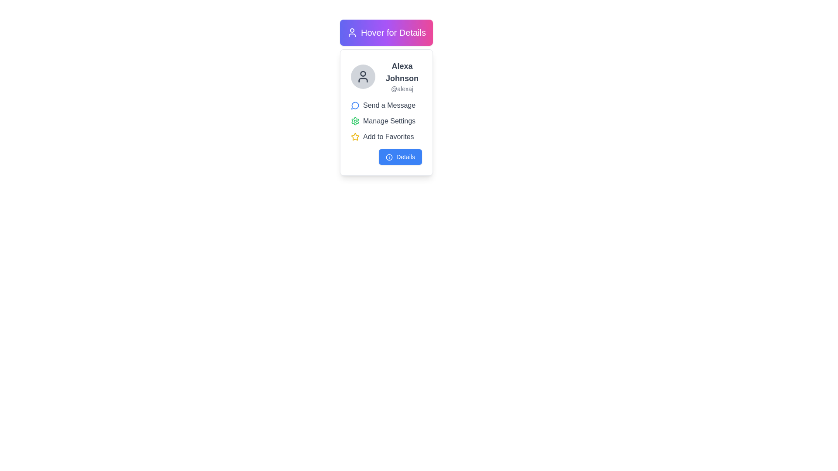  Describe the element at coordinates (386, 105) in the screenshot. I see `the static label with the text 'Send a Message' that features a blue speech bubble icon, located below the username 'Alexa Johnson' and above 'Manage Settings'` at that location.